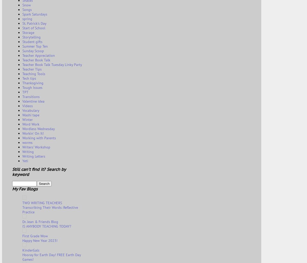 This screenshot has width=307, height=263. Describe the element at coordinates (22, 138) in the screenshot. I see `'Working with Parents'` at that location.